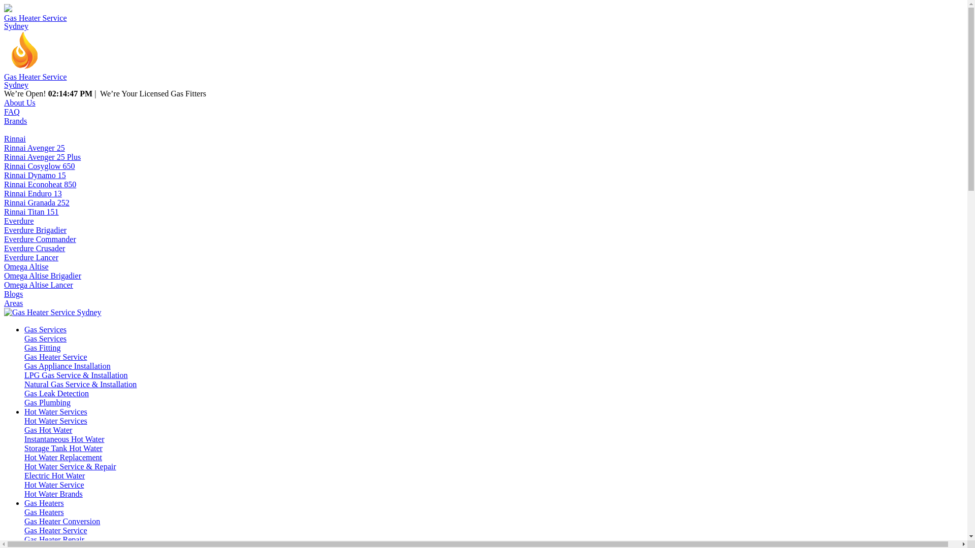  Describe the element at coordinates (70, 466) in the screenshot. I see `'Hot Water Service & Repair'` at that location.